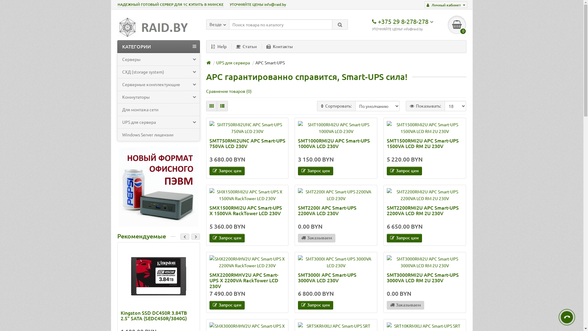 This screenshot has height=331, width=588. What do you see at coordinates (424, 262) in the screenshot?
I see `'SMT3000RMI2U APC Smart-UPS 3000VA LCD RM 2U 230V'` at bounding box center [424, 262].